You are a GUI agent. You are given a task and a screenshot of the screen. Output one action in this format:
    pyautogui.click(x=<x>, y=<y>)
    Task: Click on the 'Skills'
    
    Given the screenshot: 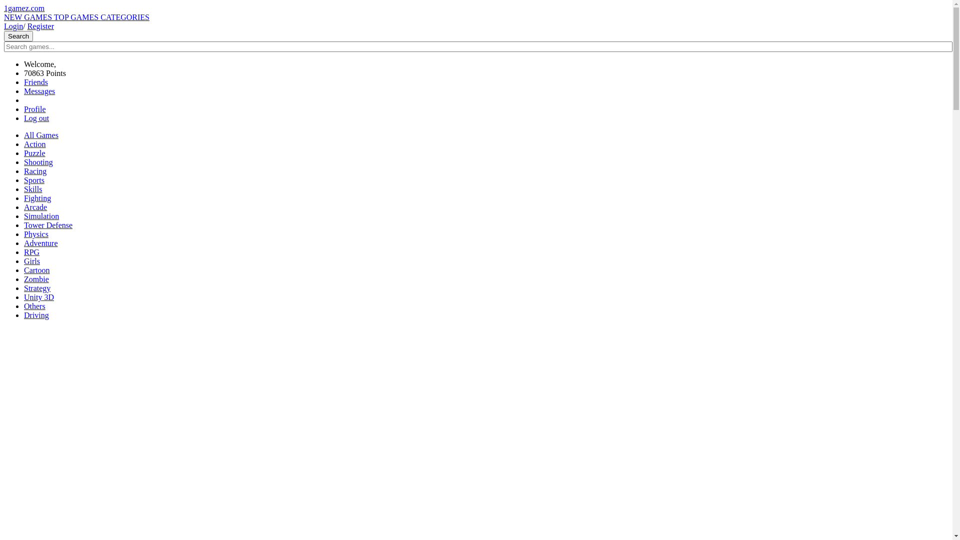 What is the action you would take?
    pyautogui.click(x=33, y=189)
    